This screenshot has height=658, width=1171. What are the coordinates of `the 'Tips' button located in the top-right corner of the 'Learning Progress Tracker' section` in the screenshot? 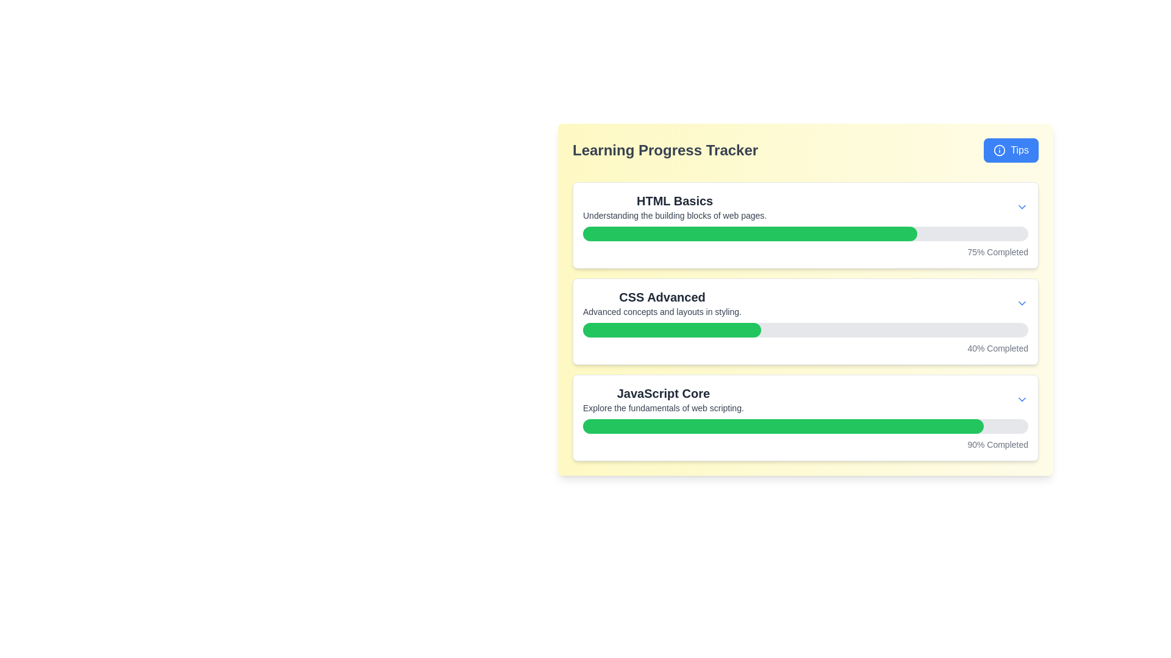 It's located at (1011, 149).